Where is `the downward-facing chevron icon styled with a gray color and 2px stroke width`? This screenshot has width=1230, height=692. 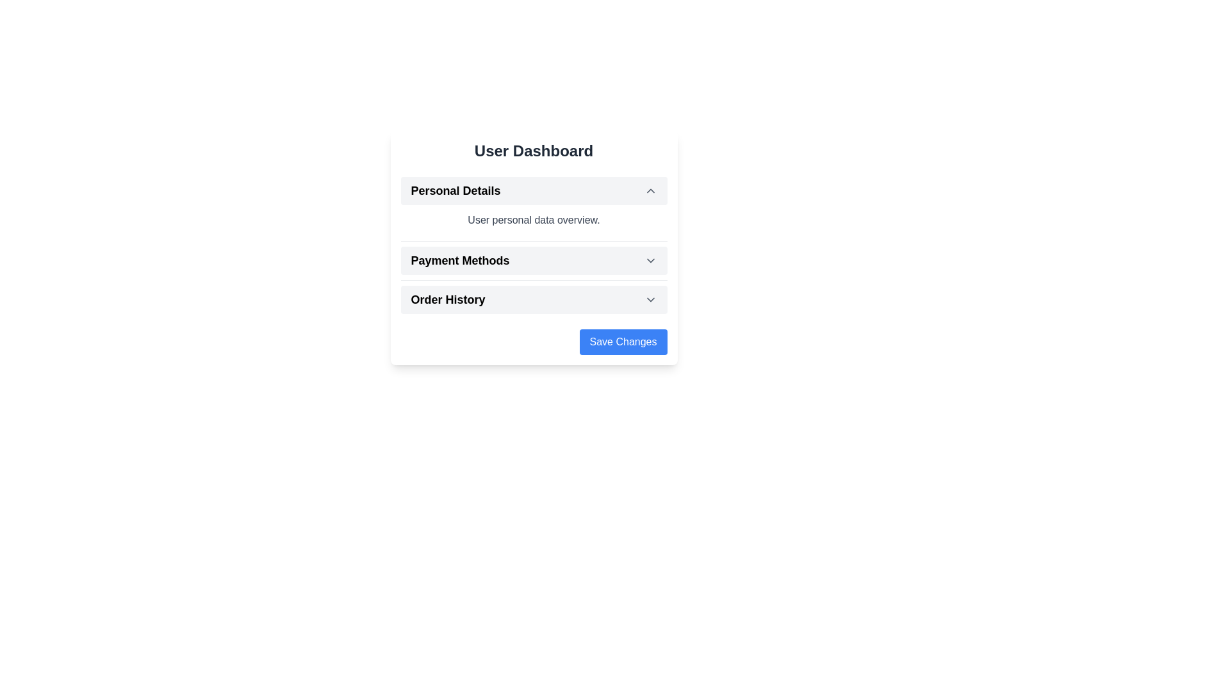
the downward-facing chevron icon styled with a gray color and 2px stroke width is located at coordinates (650, 299).